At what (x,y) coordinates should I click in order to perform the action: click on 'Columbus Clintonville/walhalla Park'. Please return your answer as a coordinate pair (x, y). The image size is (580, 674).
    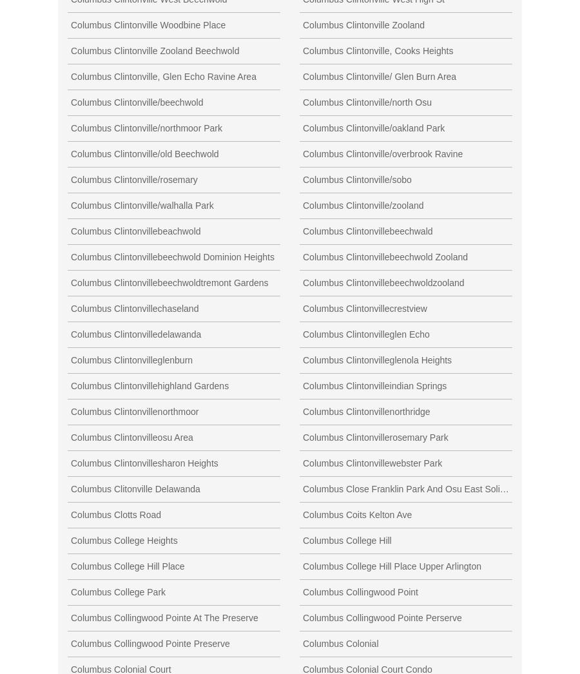
    Looking at the image, I should click on (142, 204).